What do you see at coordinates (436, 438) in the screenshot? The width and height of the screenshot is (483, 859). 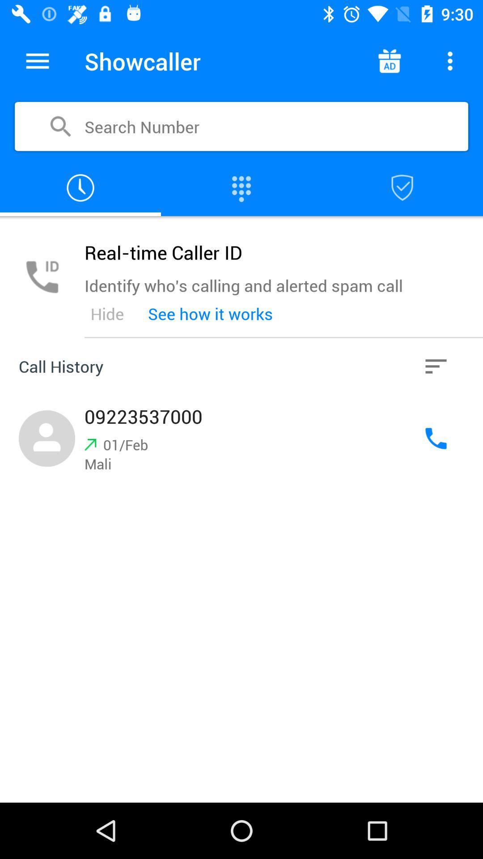 I see `call contact` at bounding box center [436, 438].